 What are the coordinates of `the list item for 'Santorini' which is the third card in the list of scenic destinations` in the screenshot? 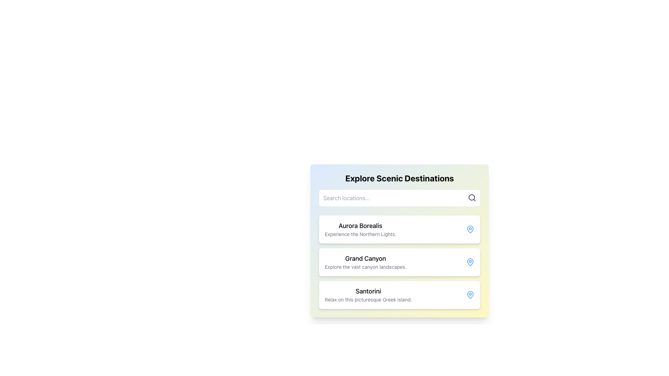 It's located at (368, 295).